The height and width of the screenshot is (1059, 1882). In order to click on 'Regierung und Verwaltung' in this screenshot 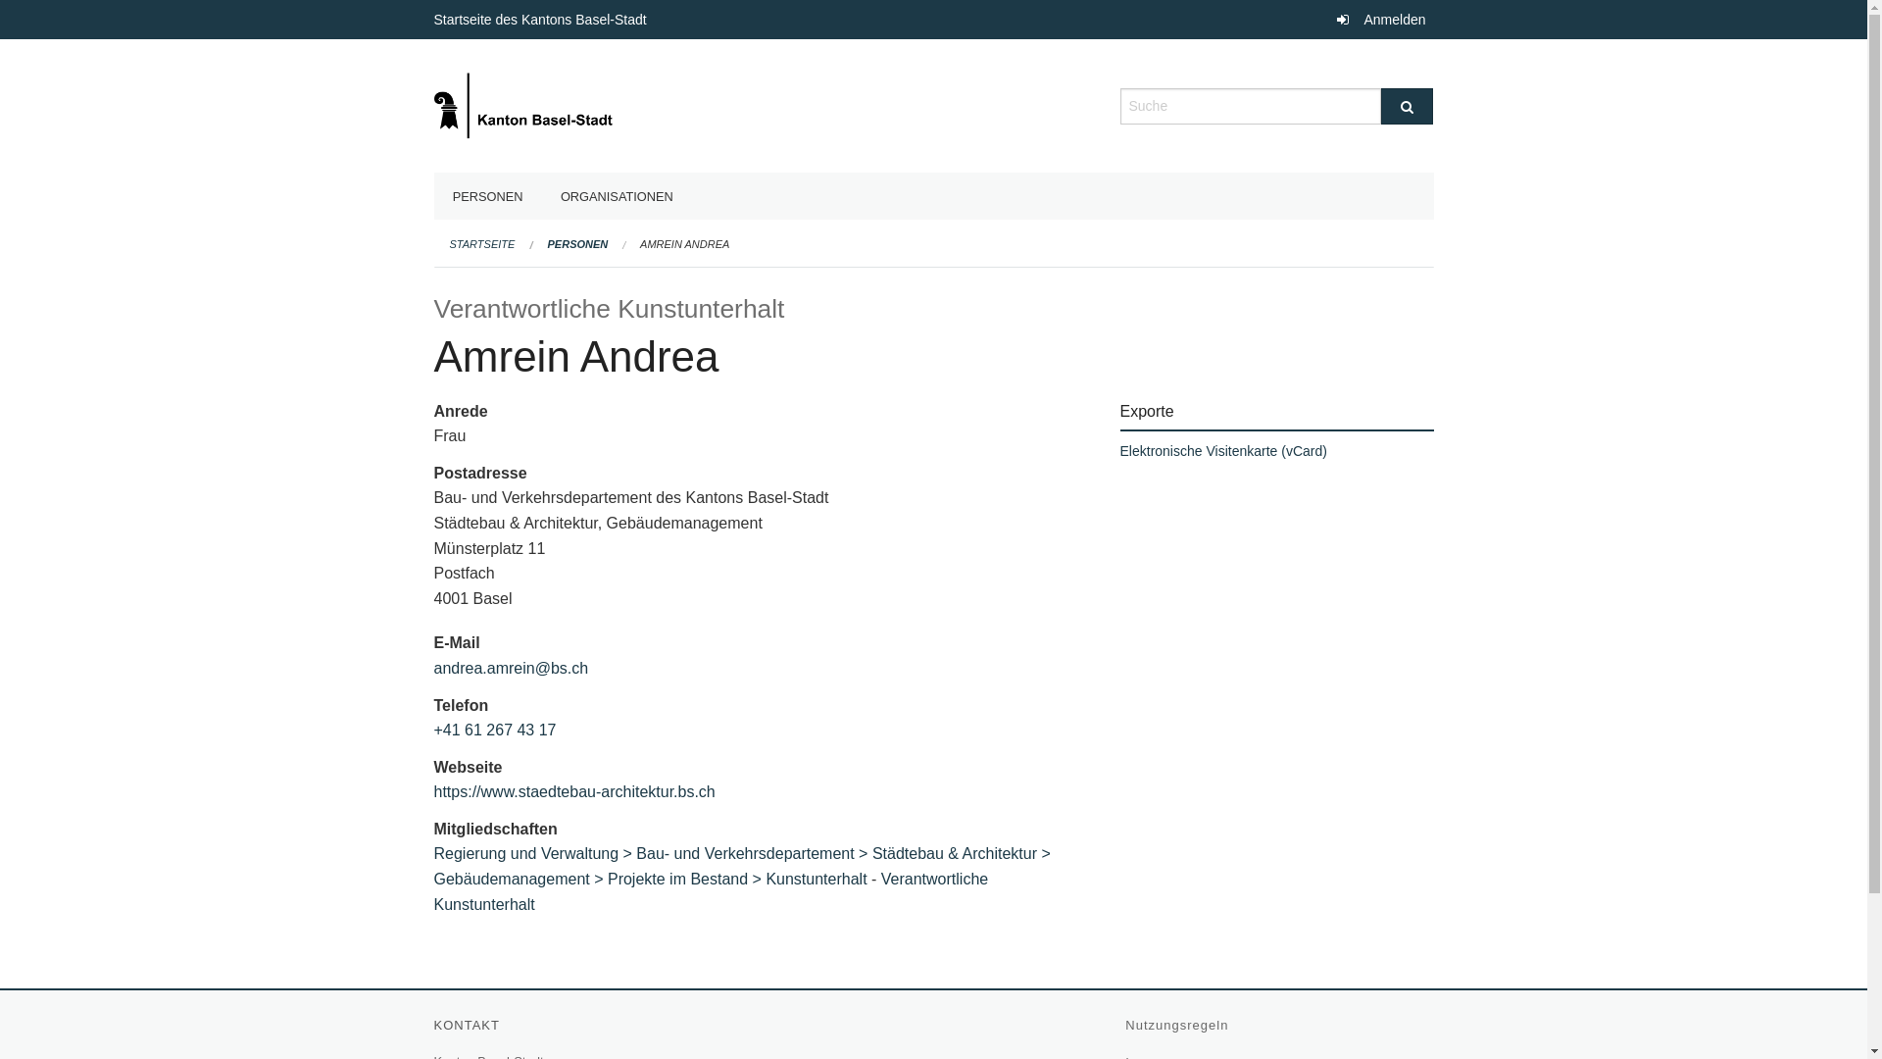, I will do `click(534, 852)`.